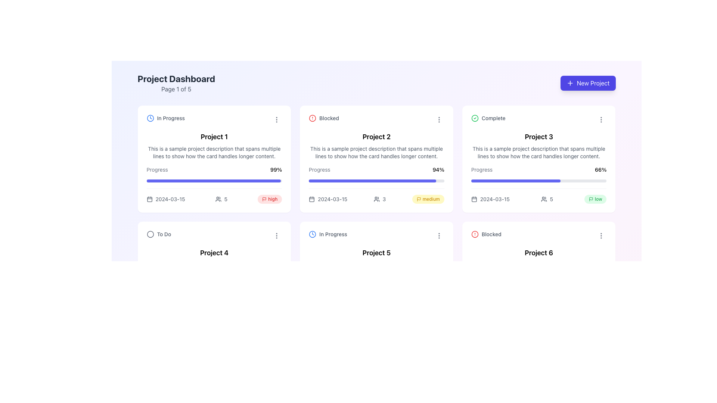  Describe the element at coordinates (333, 234) in the screenshot. I see `the text label displaying 'In Progress' located next to a clock icon in the 'Project 5' card within the 'Project Dashboard' interface` at that location.